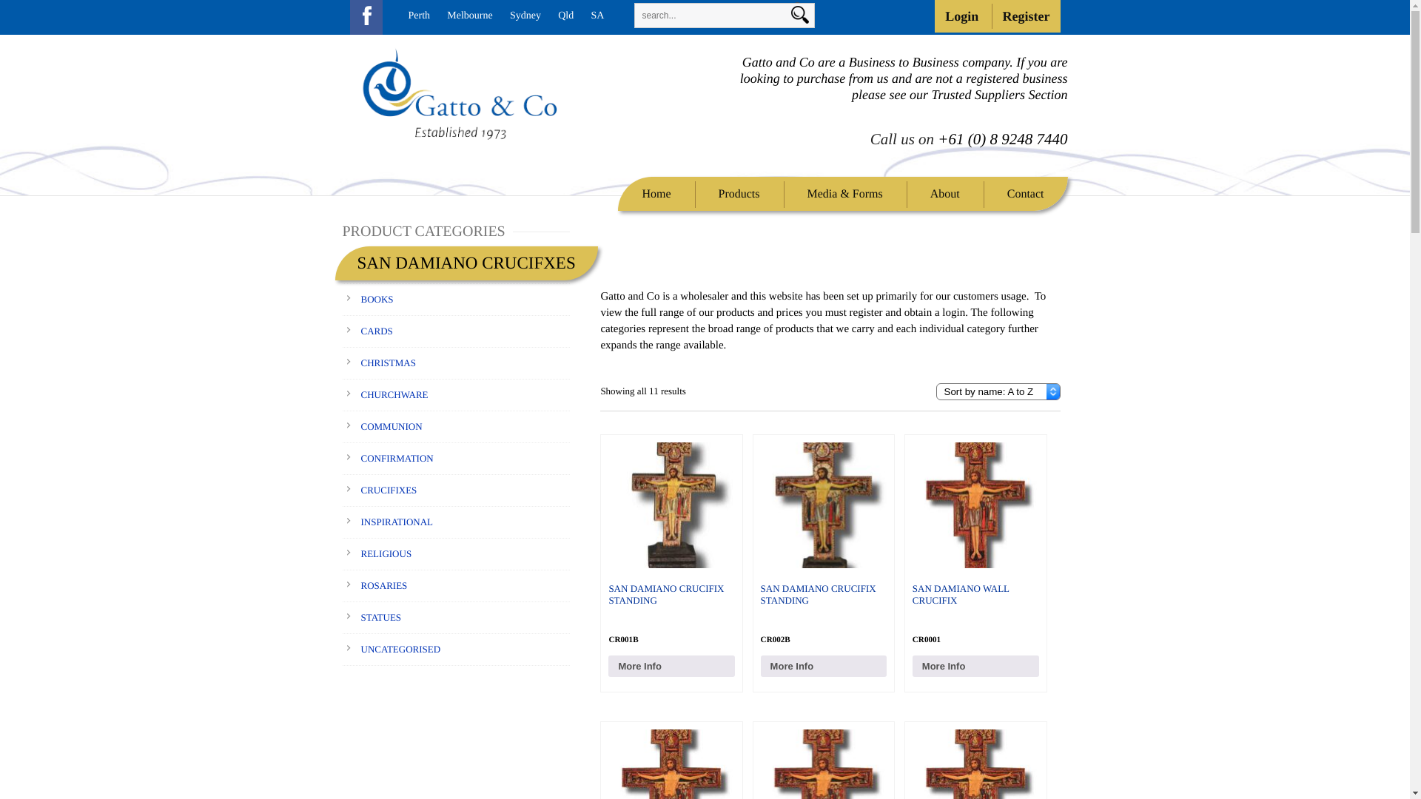 Image resolution: width=1421 pixels, height=799 pixels. Describe the element at coordinates (394, 394) in the screenshot. I see `'CHURCHWARE'` at that location.